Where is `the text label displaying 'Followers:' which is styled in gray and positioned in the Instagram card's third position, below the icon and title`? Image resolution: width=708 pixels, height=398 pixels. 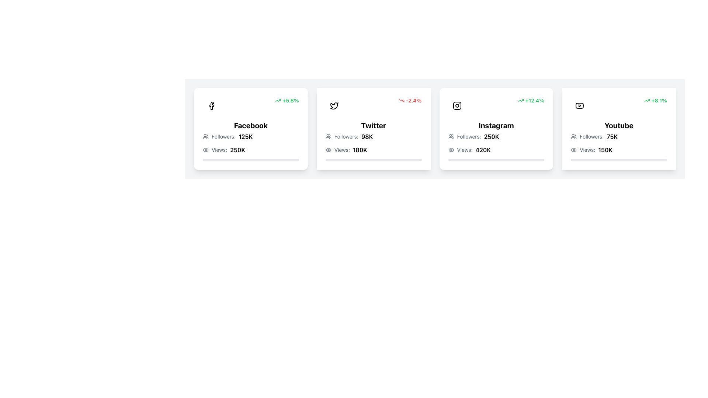 the text label displaying 'Followers:' which is styled in gray and positioned in the Instagram card's third position, below the icon and title is located at coordinates (469, 136).